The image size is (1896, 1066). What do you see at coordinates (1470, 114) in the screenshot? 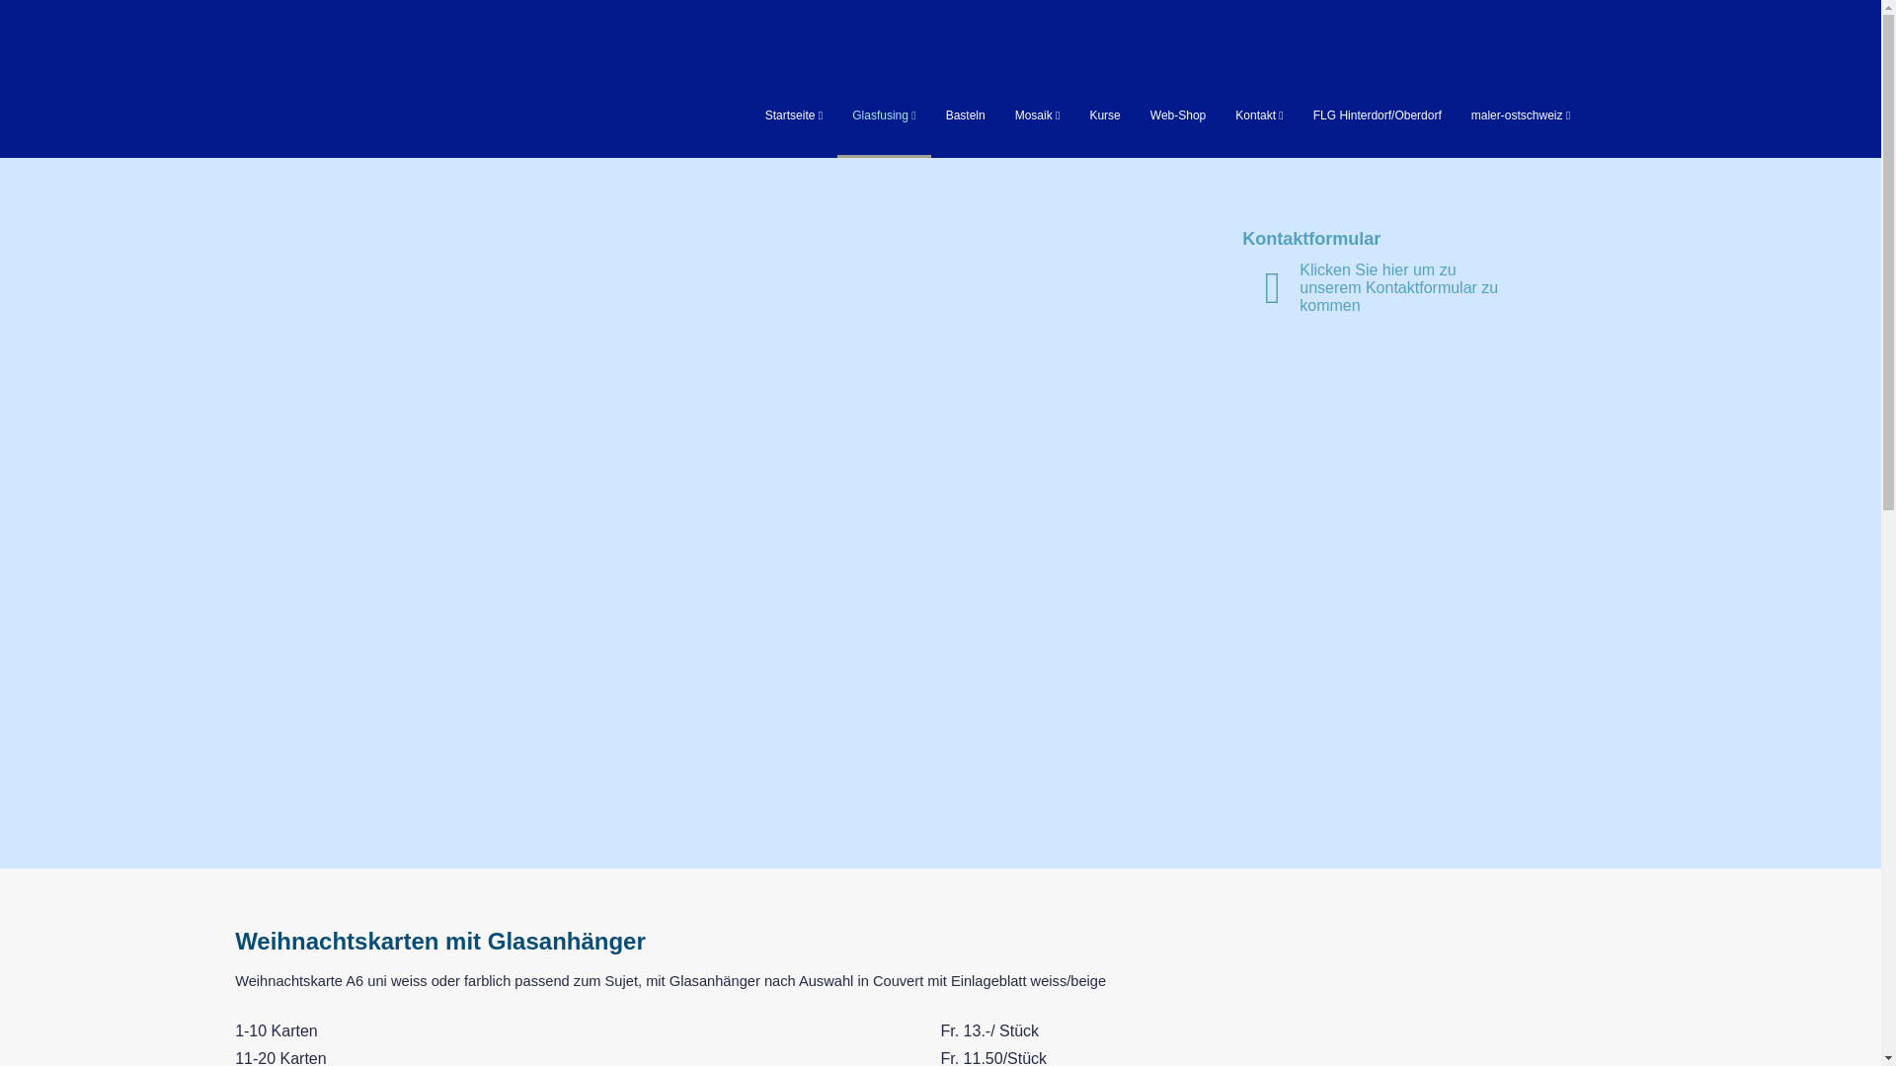
I see `'maler-ostschweiz'` at bounding box center [1470, 114].